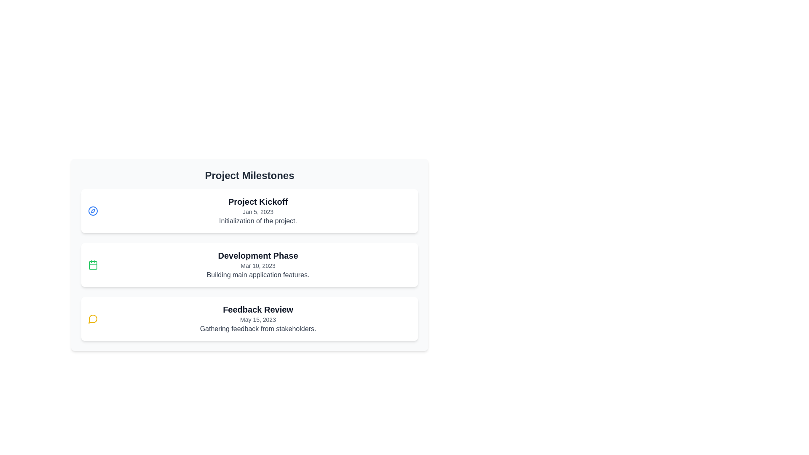 The image size is (809, 455). I want to click on the text label titled 'Feedback Review' which serves as the primary heading in the third row of the Project Milestones section, so click(257, 310).